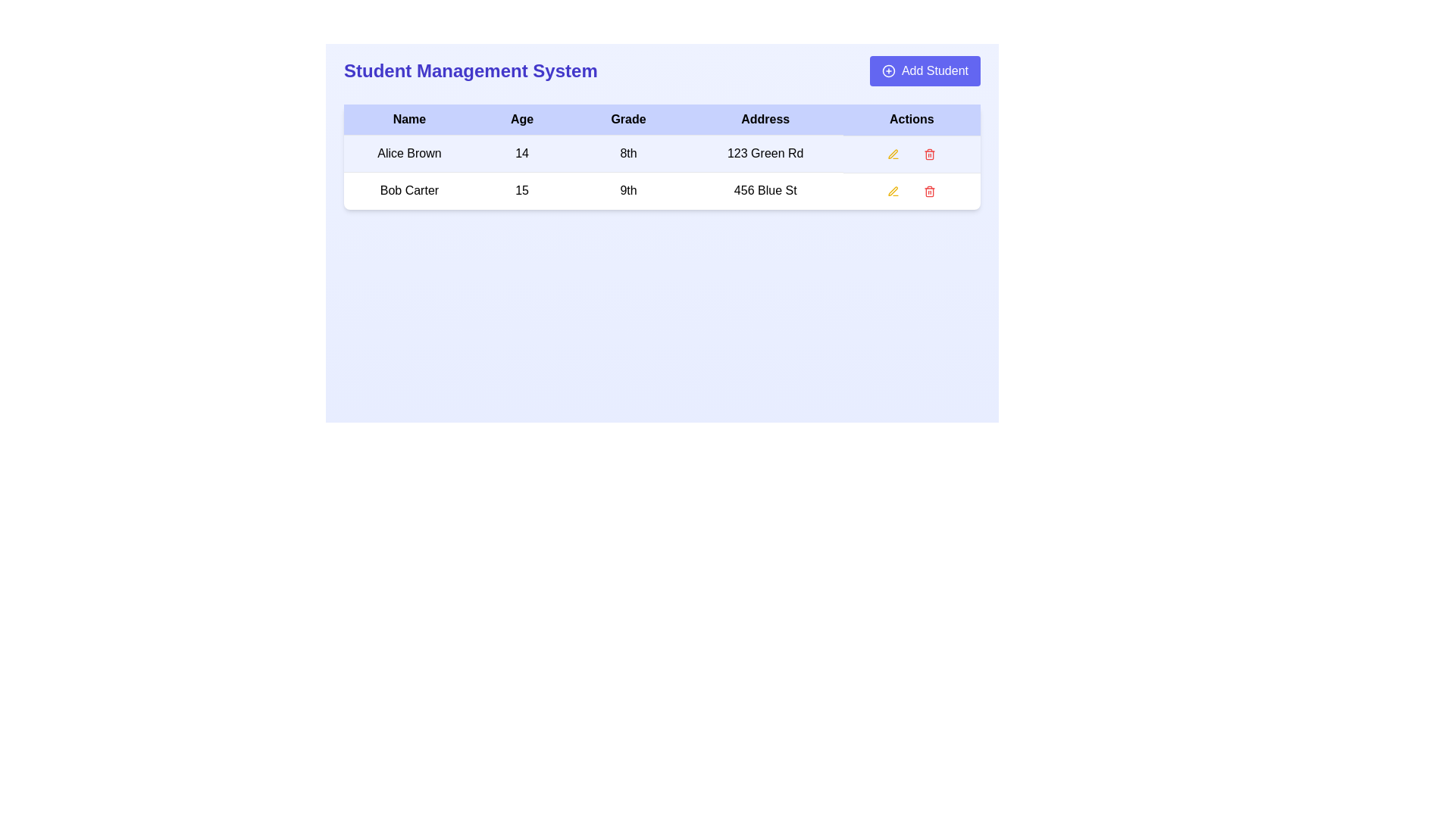  What do you see at coordinates (522, 154) in the screenshot?
I see `the Table Cell that displays the age of the individual named 'Alice Brown', located in the second column of the row labeled 'Age'` at bounding box center [522, 154].